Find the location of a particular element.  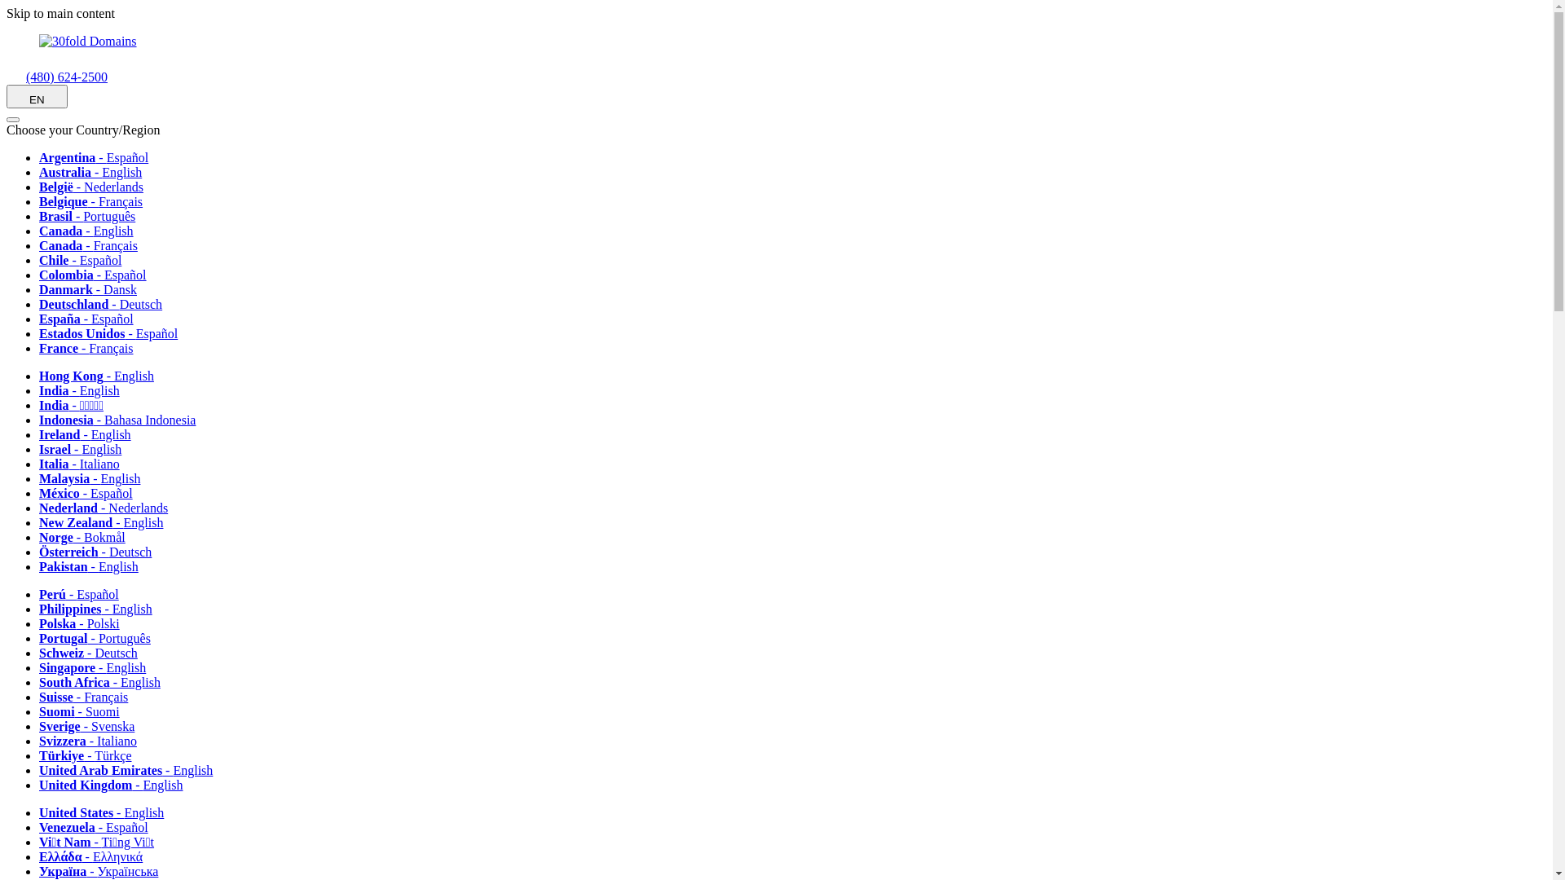

'Nederland - Nederlands' is located at coordinates (108, 507).